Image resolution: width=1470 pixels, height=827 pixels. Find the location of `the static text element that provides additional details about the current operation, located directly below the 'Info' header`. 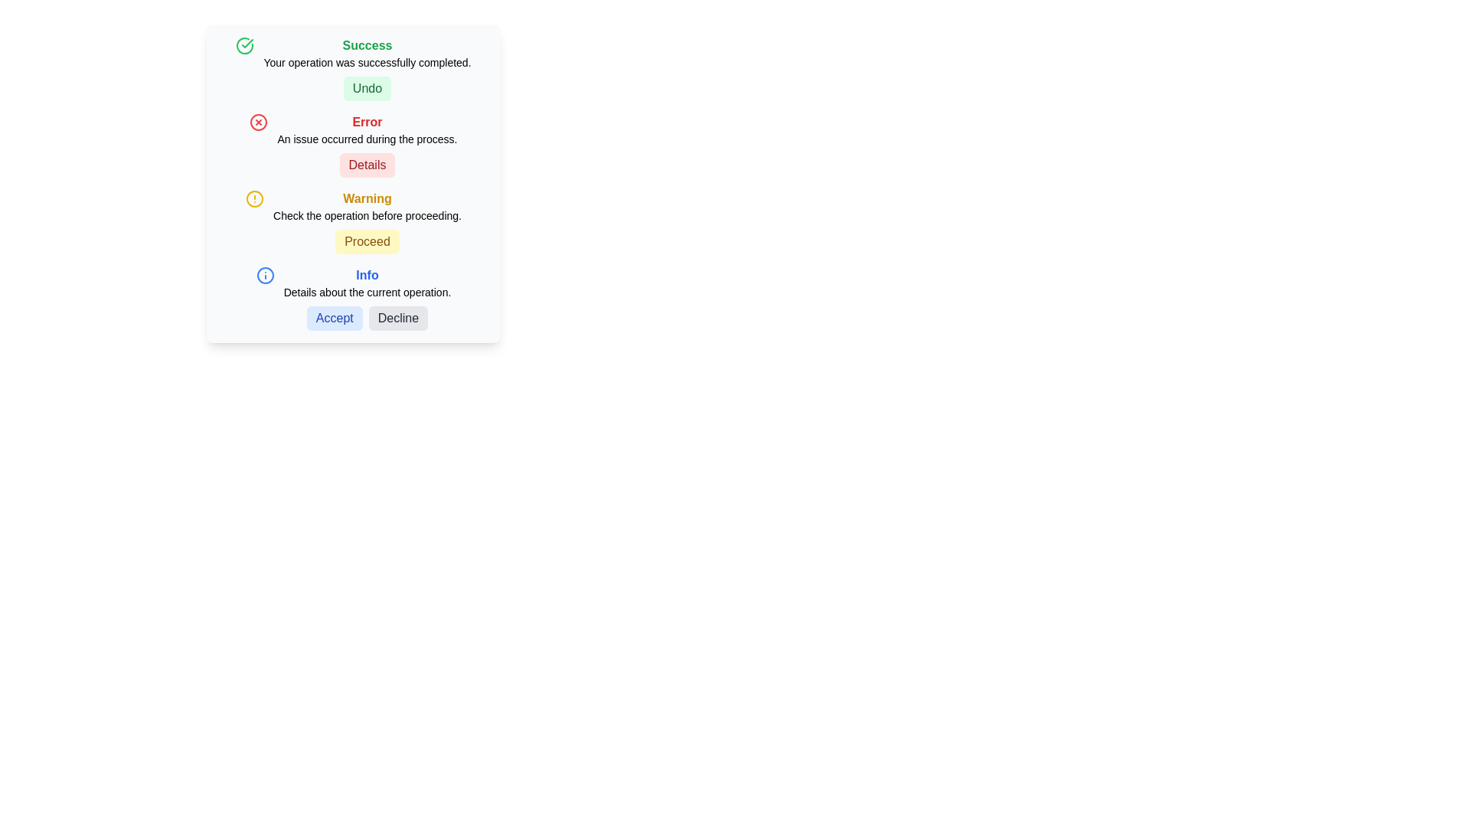

the static text element that provides additional details about the current operation, located directly below the 'Info' header is located at coordinates (367, 292).